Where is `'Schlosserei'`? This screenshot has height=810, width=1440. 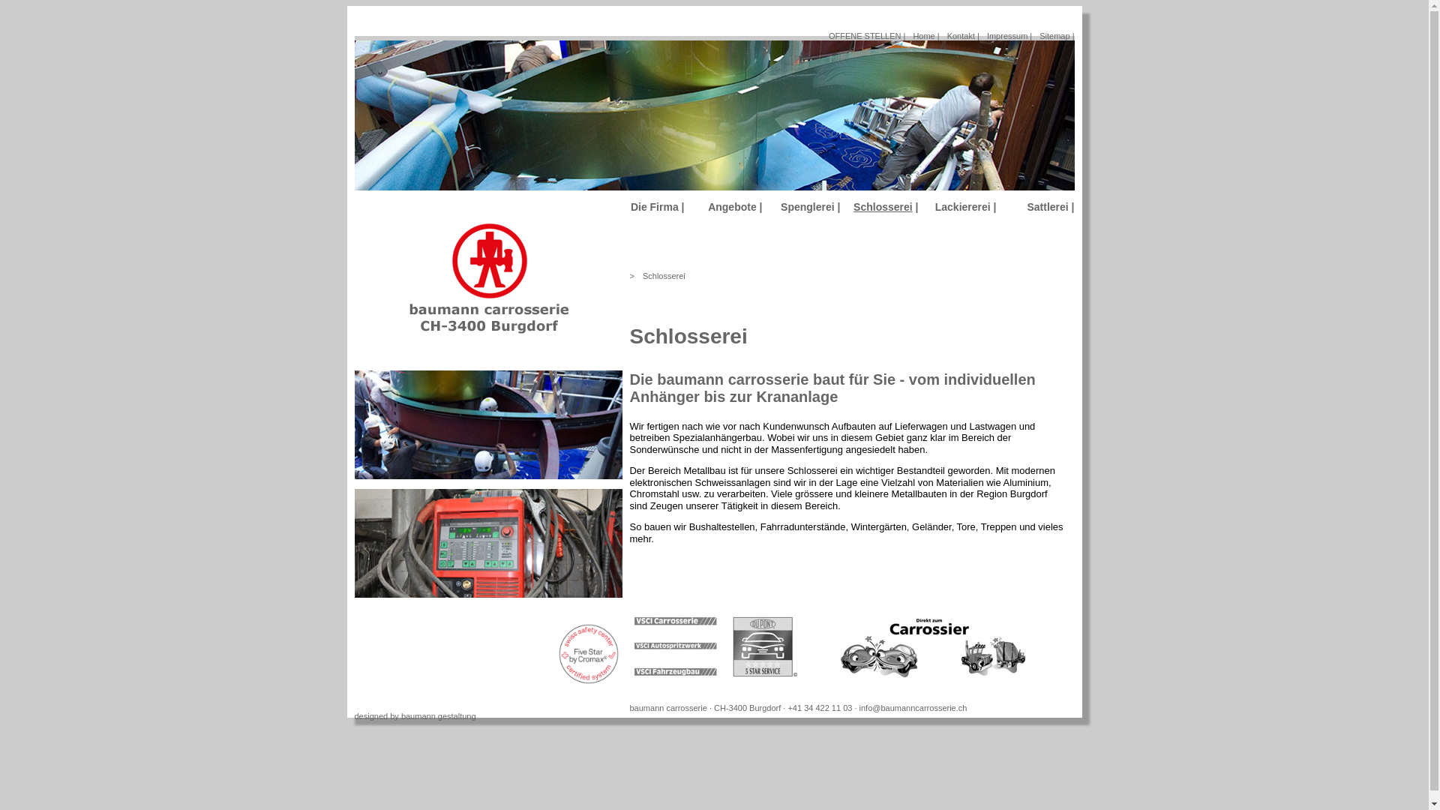 'Schlosserei' is located at coordinates (663, 275).